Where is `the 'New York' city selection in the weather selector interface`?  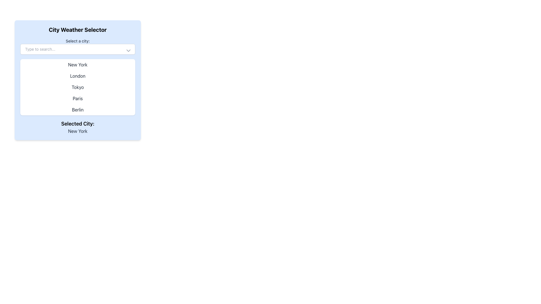
the 'New York' city selection in the weather selector interface is located at coordinates (77, 64).